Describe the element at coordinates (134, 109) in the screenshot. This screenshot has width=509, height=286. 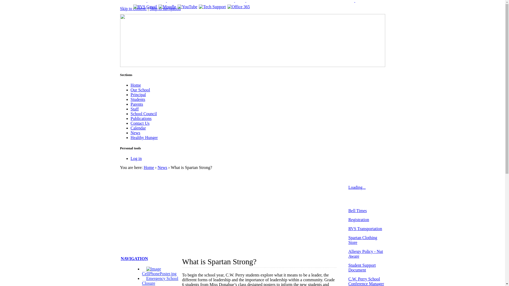
I see `'Staff'` at that location.